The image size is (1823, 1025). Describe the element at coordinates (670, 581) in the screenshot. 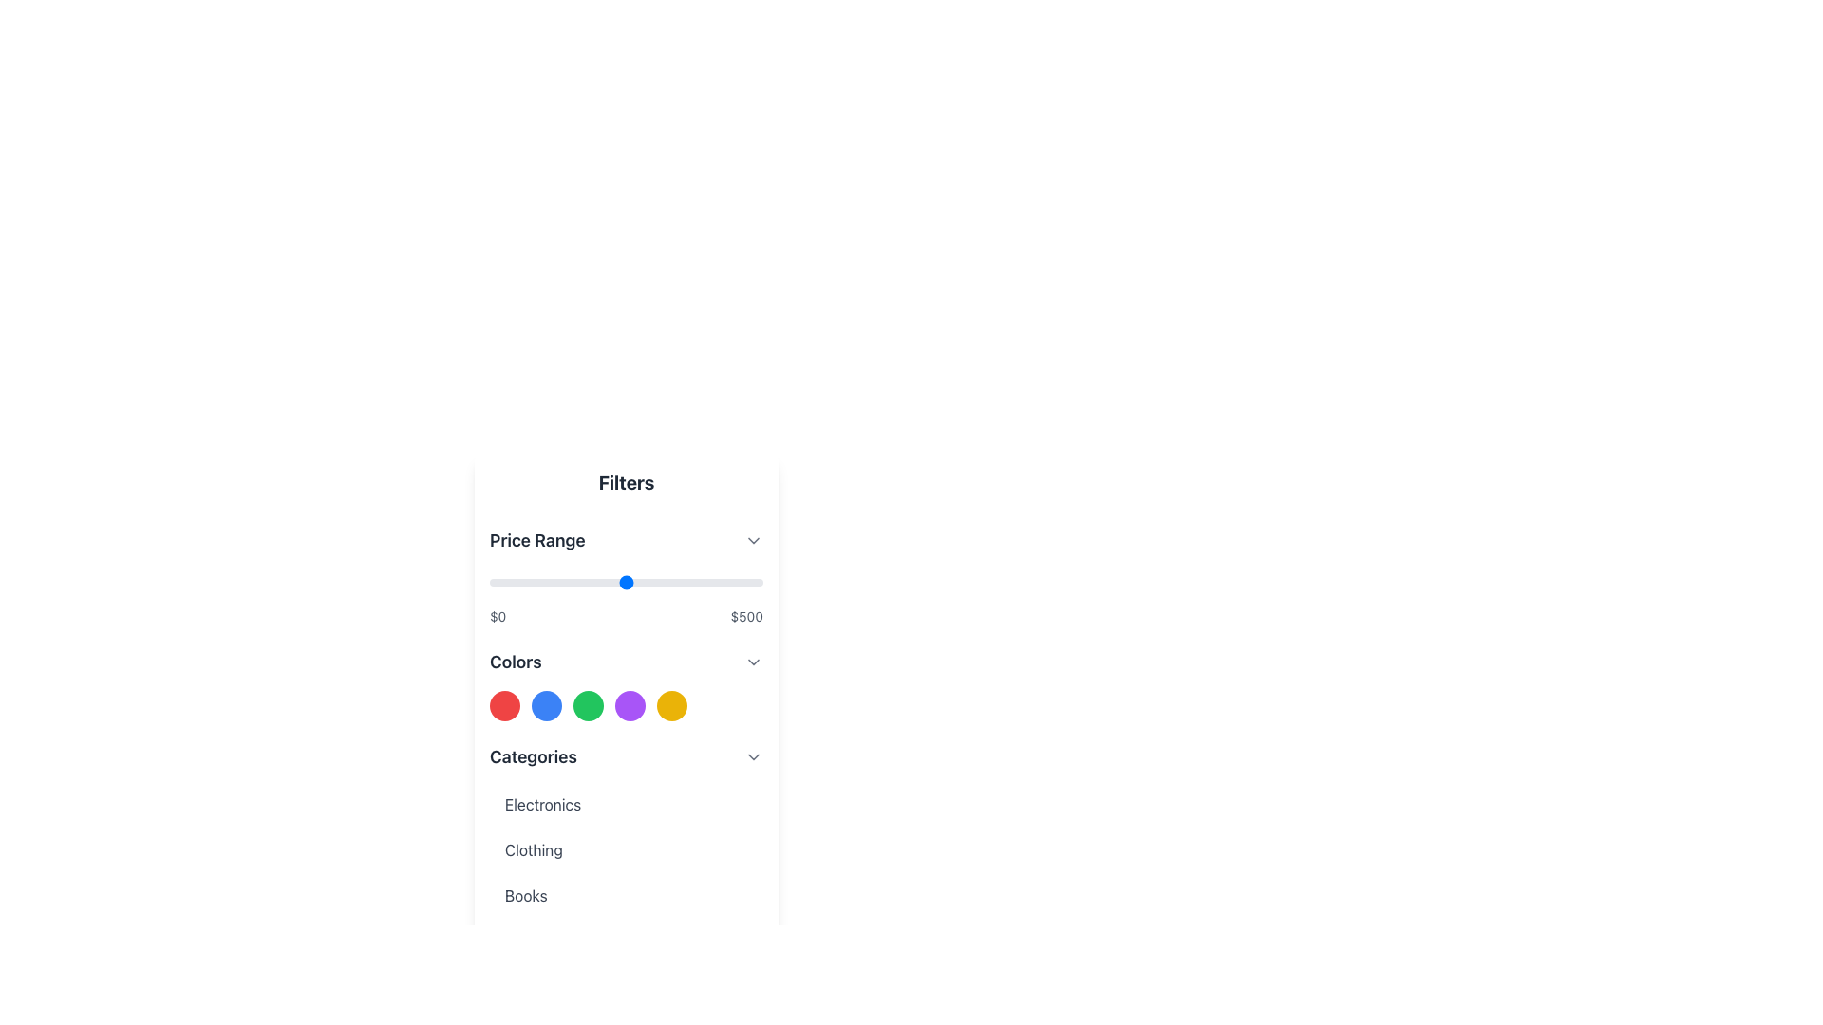

I see `the slider` at that location.